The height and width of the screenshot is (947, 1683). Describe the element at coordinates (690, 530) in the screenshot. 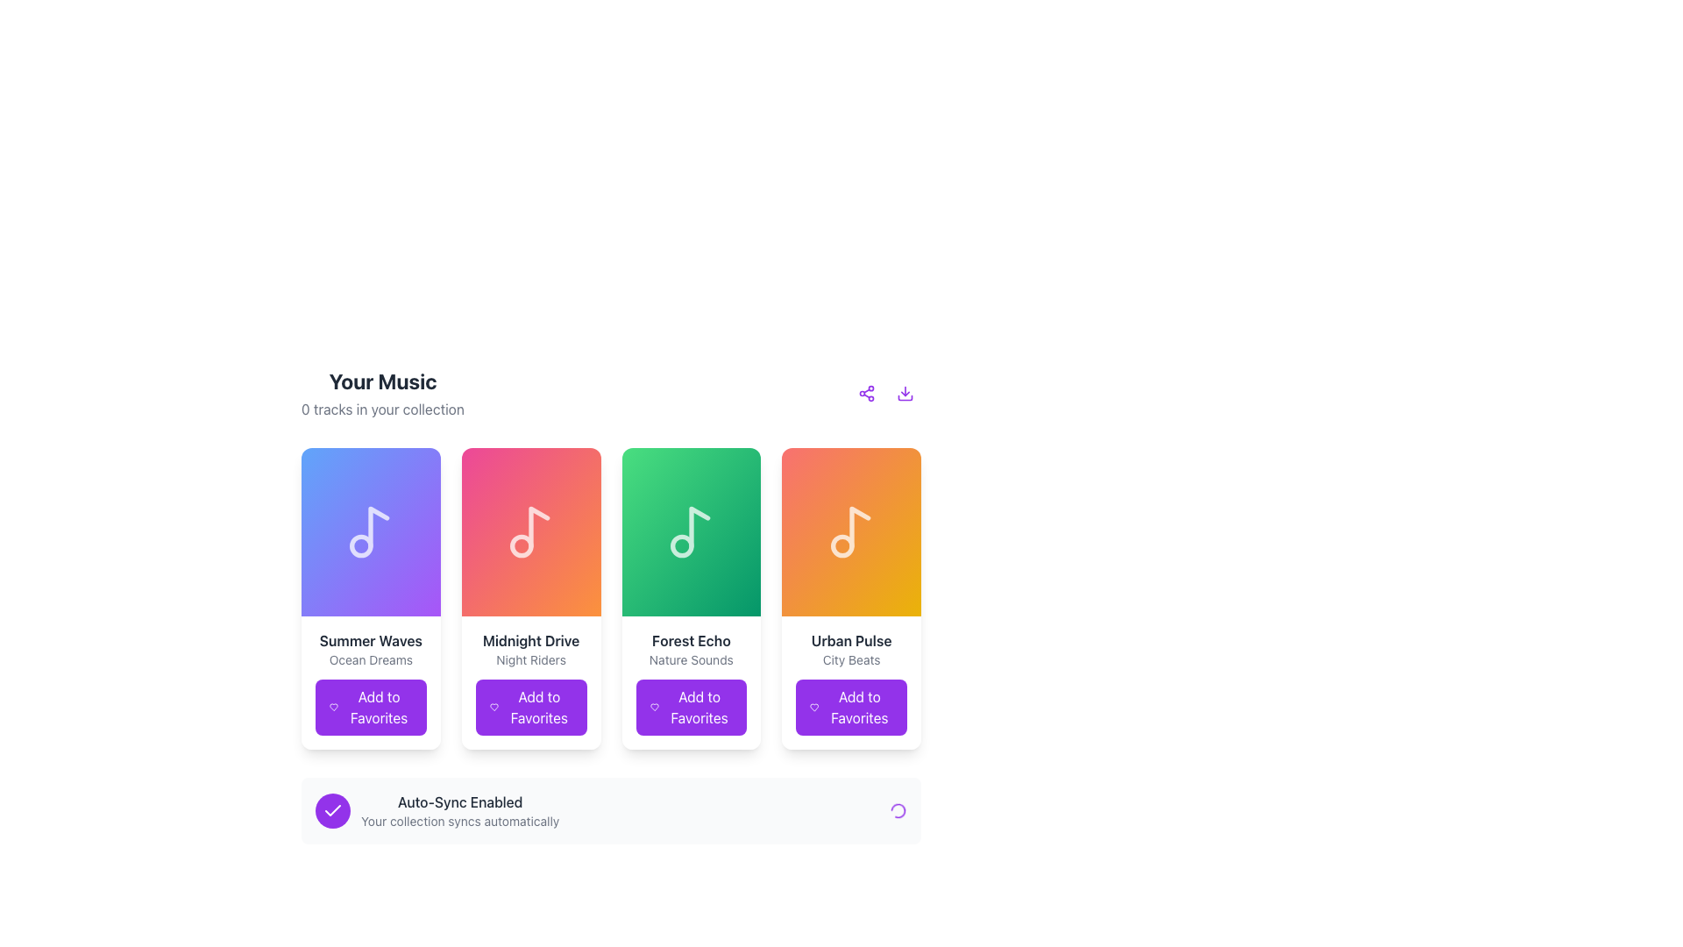

I see `the musical note icon which is semi-transparent and centrally positioned within the green card labeled 'Forest Echo'` at that location.